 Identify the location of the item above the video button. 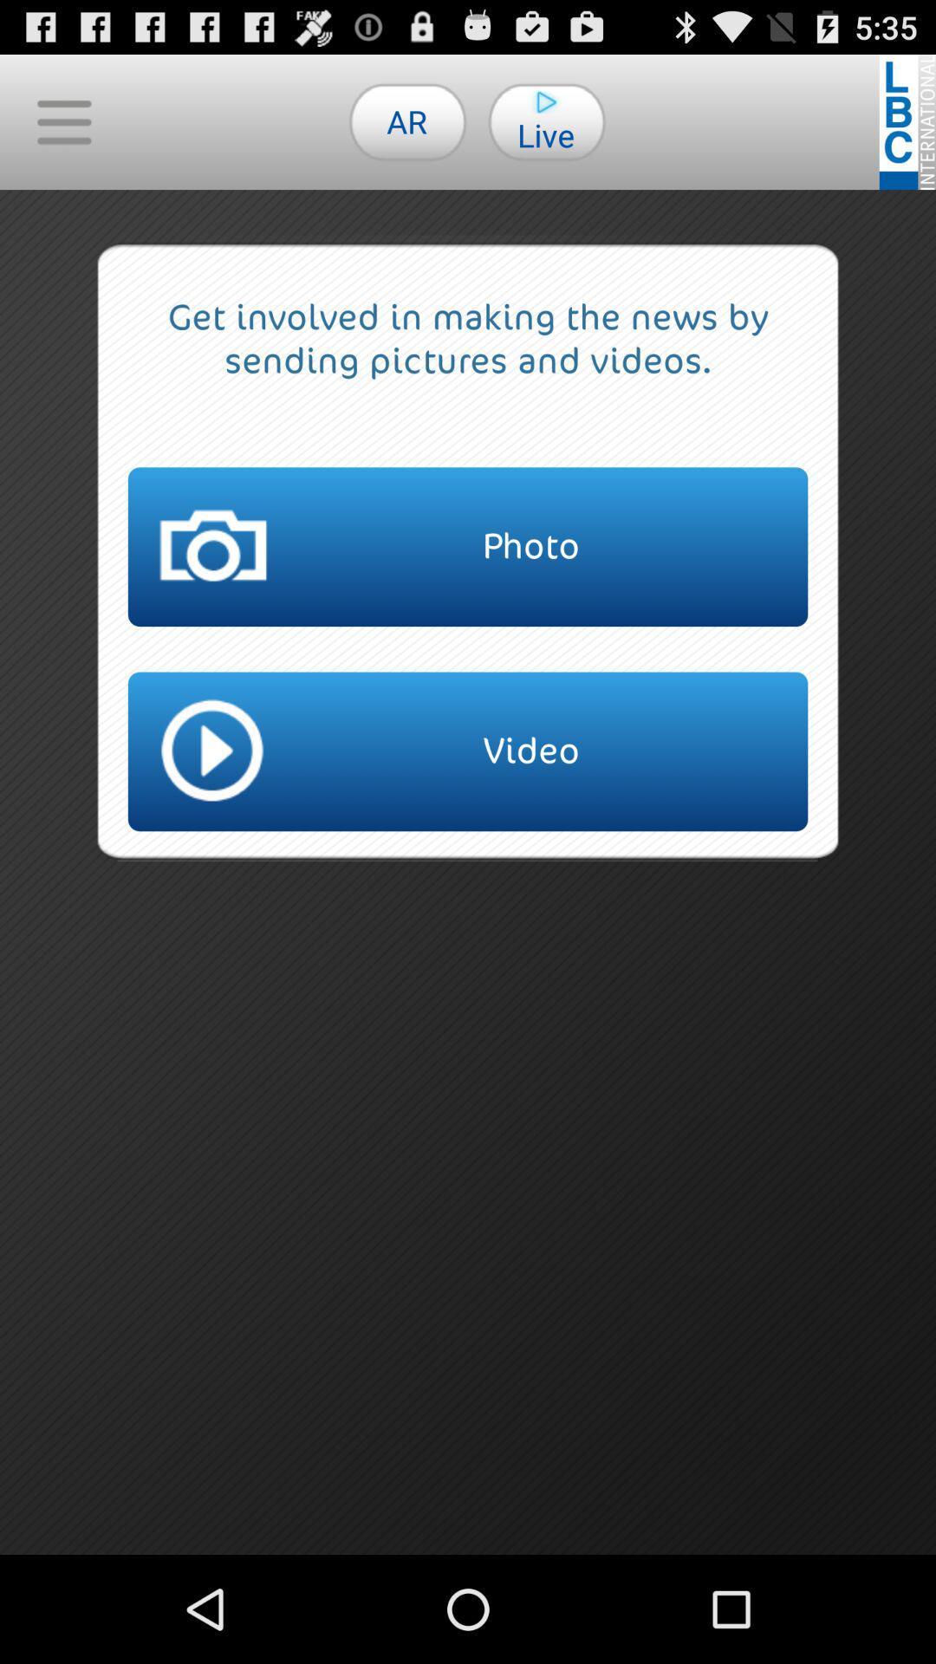
(468, 546).